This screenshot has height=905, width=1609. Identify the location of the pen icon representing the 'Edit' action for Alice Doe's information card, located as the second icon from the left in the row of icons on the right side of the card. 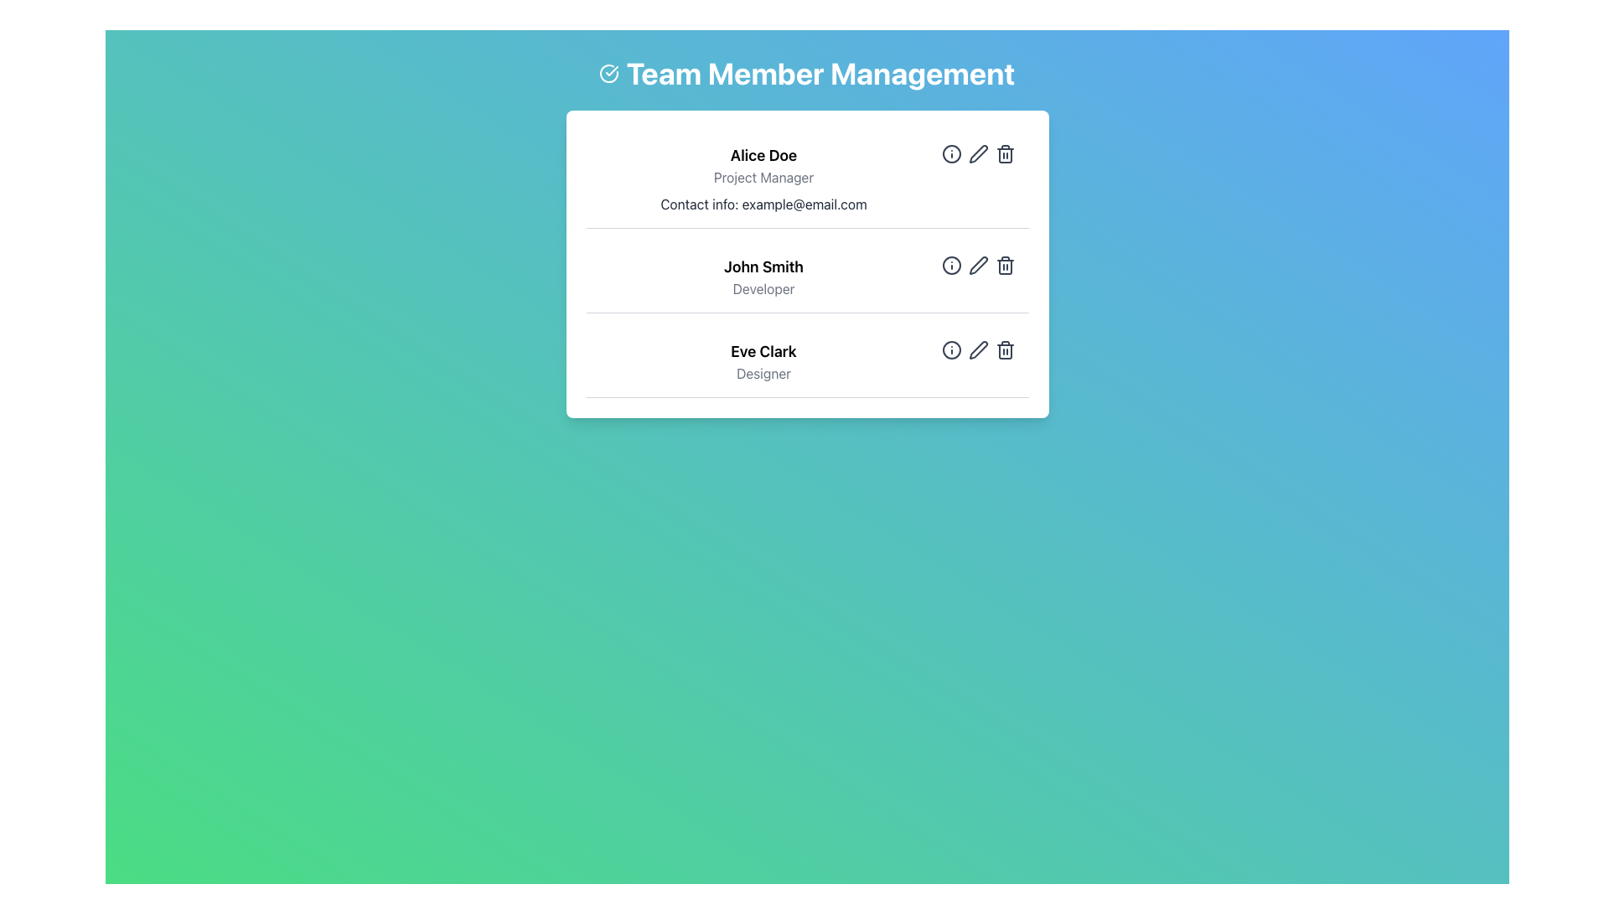
(978, 154).